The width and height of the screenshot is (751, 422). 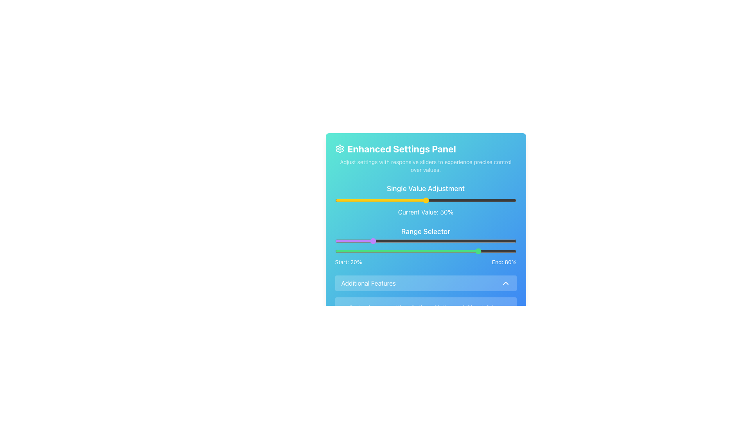 I want to click on the text element that says 'Adjust settings with responsive sliders to experience precise control over values', located below the heading 'Enhanced Settings Panel' in a panel with a blue gradient background, so click(x=425, y=165).